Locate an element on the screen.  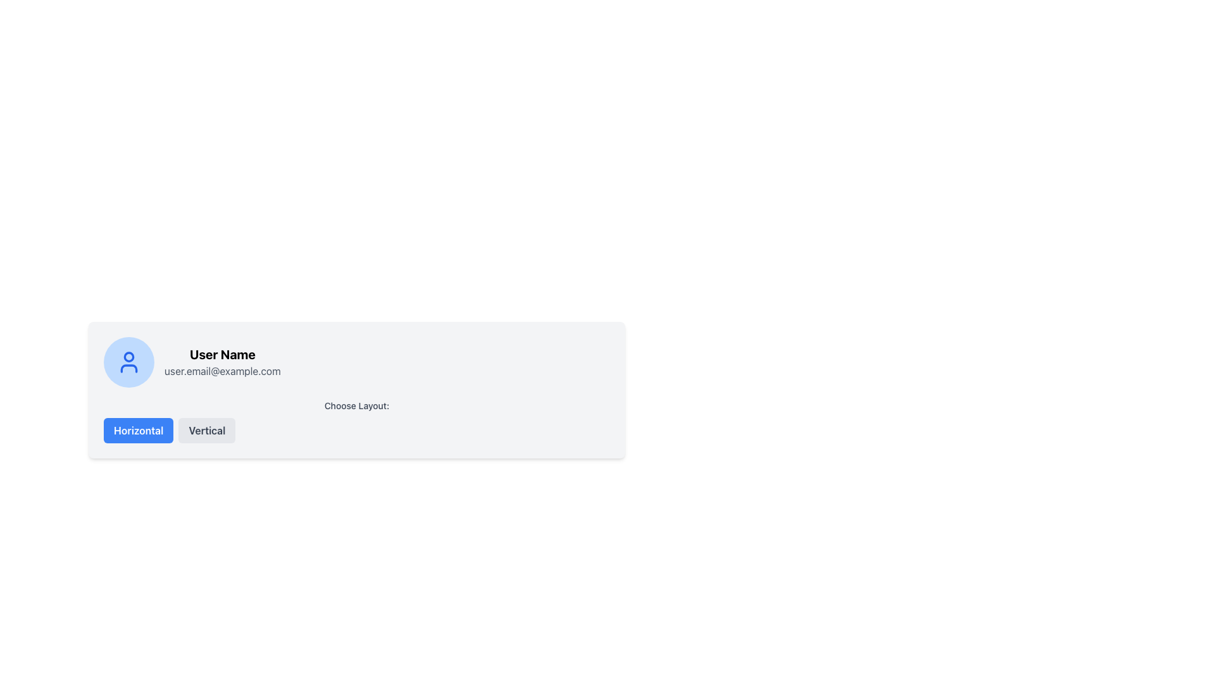
the button labeled 'Vertical', which is the second button in a horizontal group of two buttons is located at coordinates (207, 430).